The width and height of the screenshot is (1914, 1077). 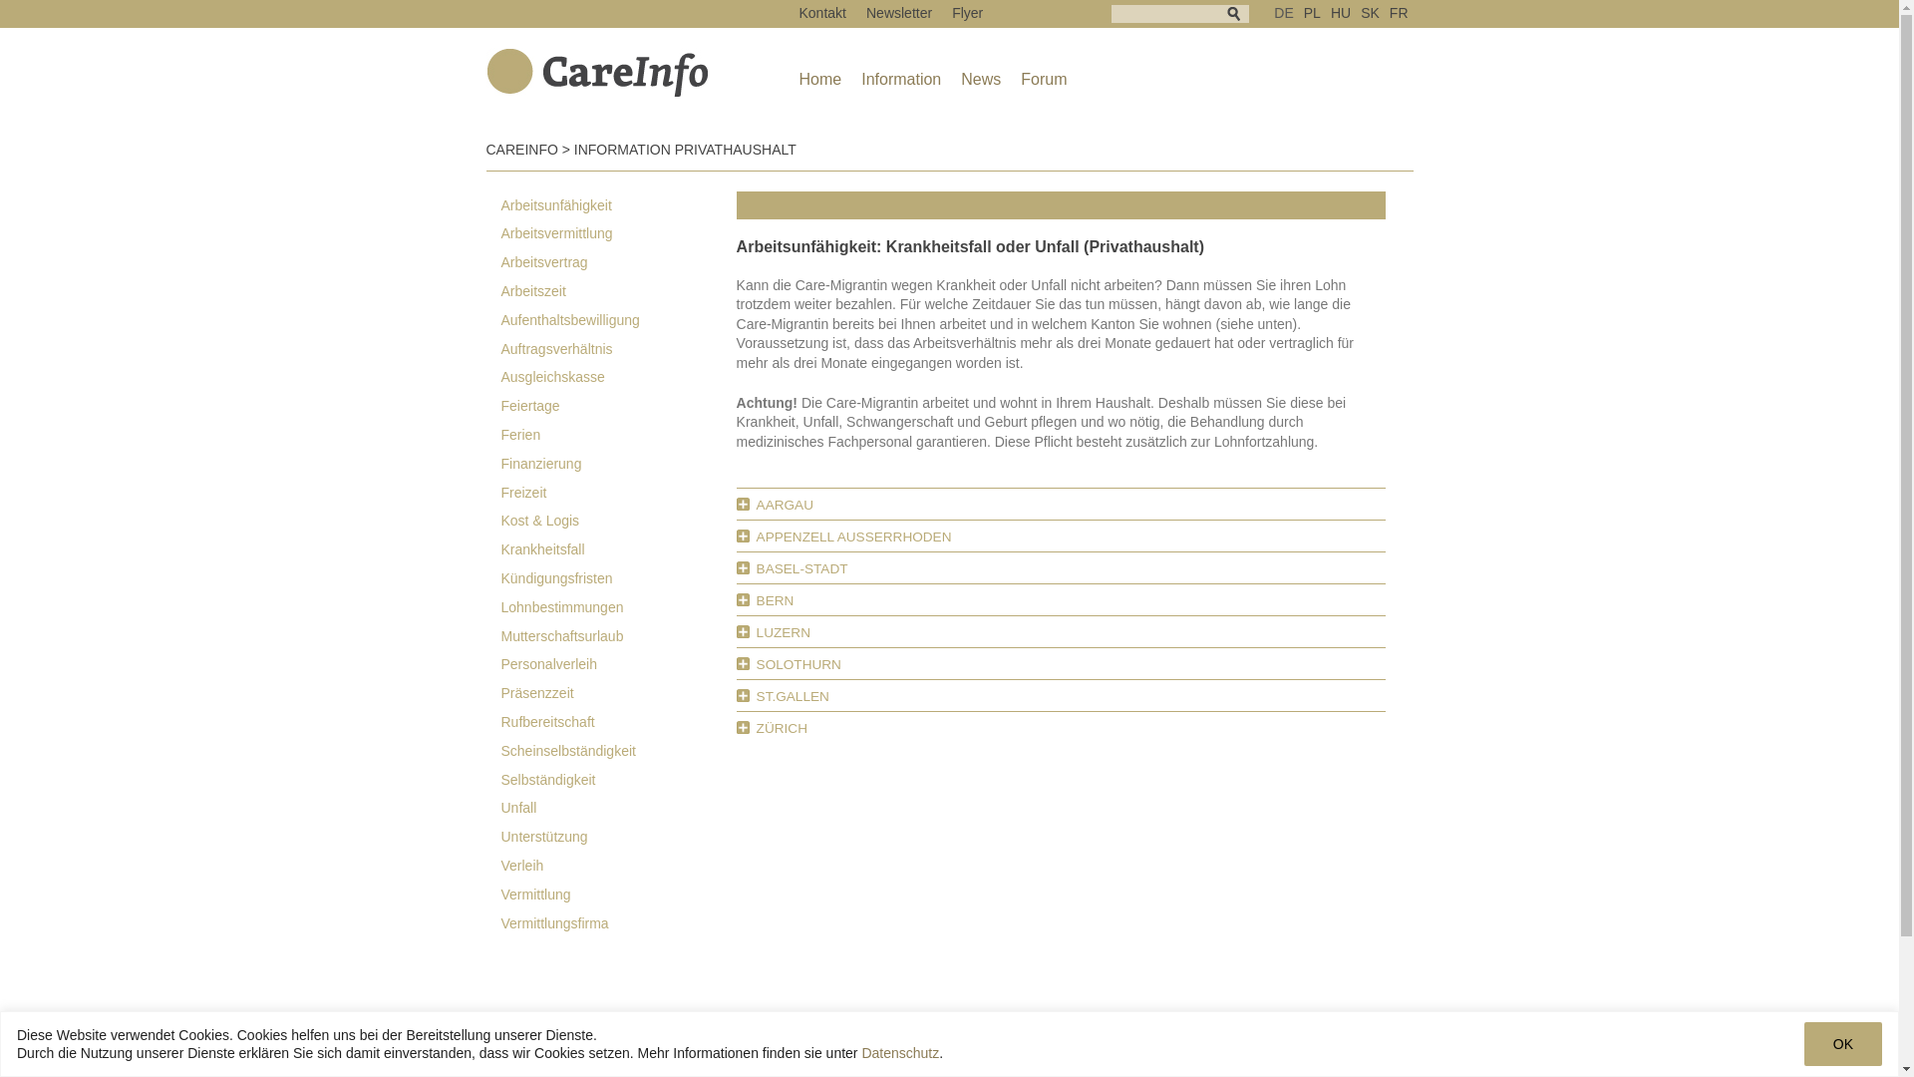 I want to click on 'CAREINFO', so click(x=521, y=149).